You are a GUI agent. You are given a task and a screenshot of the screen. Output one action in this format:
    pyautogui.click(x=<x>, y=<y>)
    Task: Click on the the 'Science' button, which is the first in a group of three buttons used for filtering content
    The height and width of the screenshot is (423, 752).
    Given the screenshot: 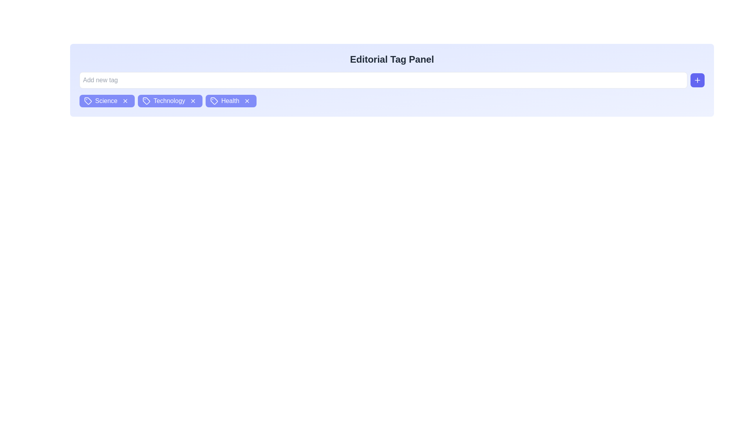 What is the action you would take?
    pyautogui.click(x=107, y=101)
    